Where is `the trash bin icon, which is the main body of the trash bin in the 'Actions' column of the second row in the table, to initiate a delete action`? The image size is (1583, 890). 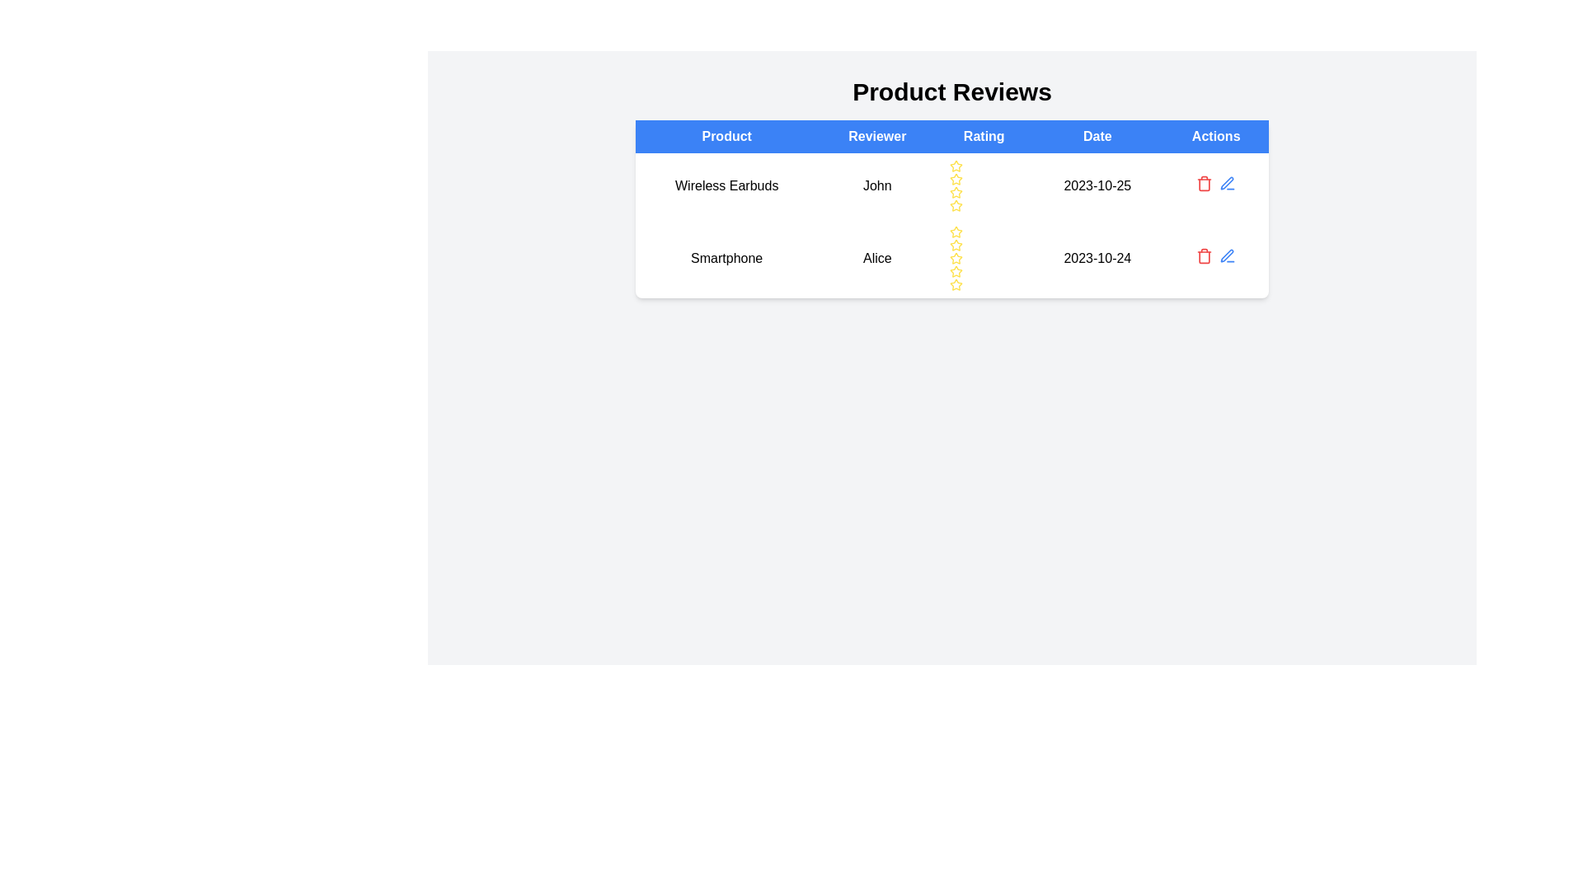 the trash bin icon, which is the main body of the trash bin in the 'Actions' column of the second row in the table, to initiate a delete action is located at coordinates (1205, 257).